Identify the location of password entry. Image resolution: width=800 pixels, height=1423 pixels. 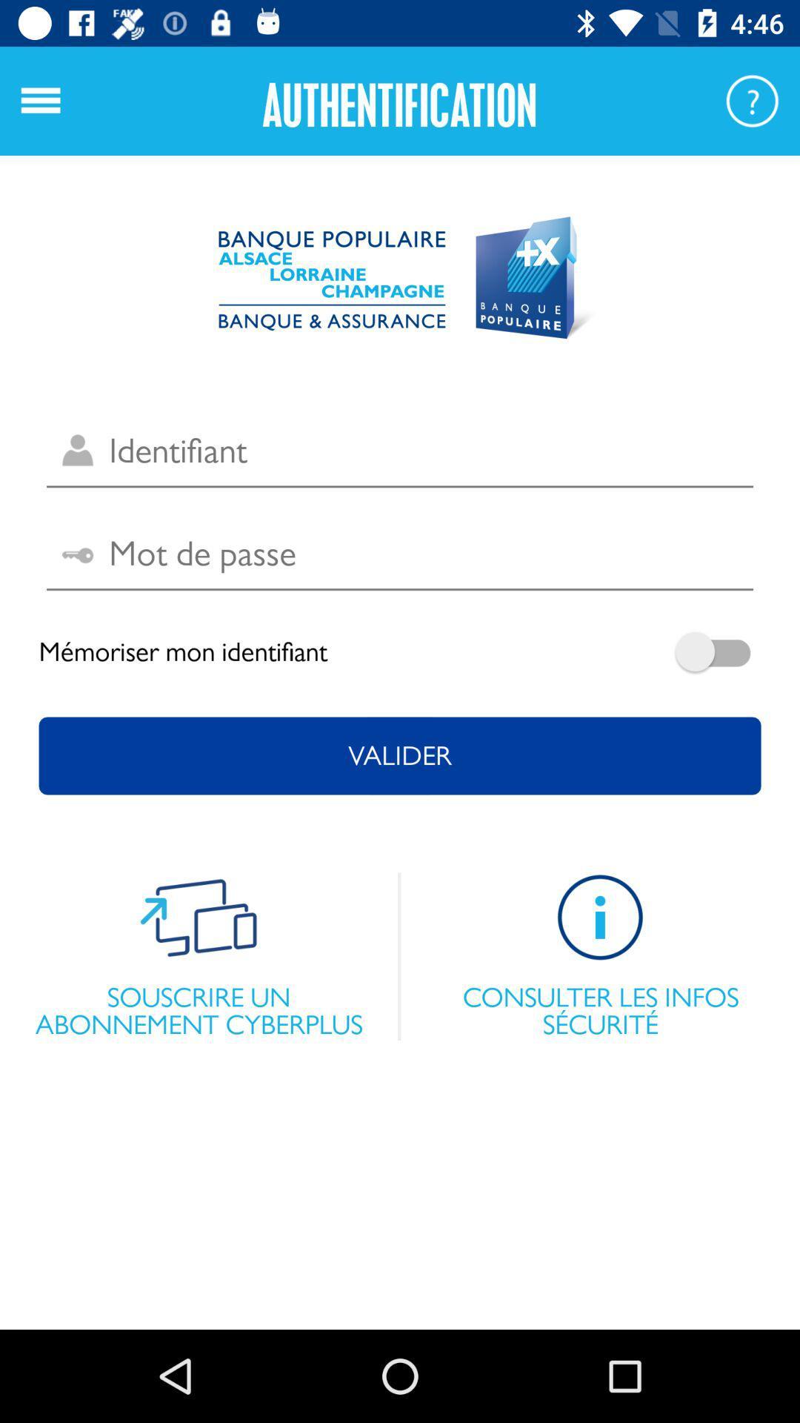
(400, 554).